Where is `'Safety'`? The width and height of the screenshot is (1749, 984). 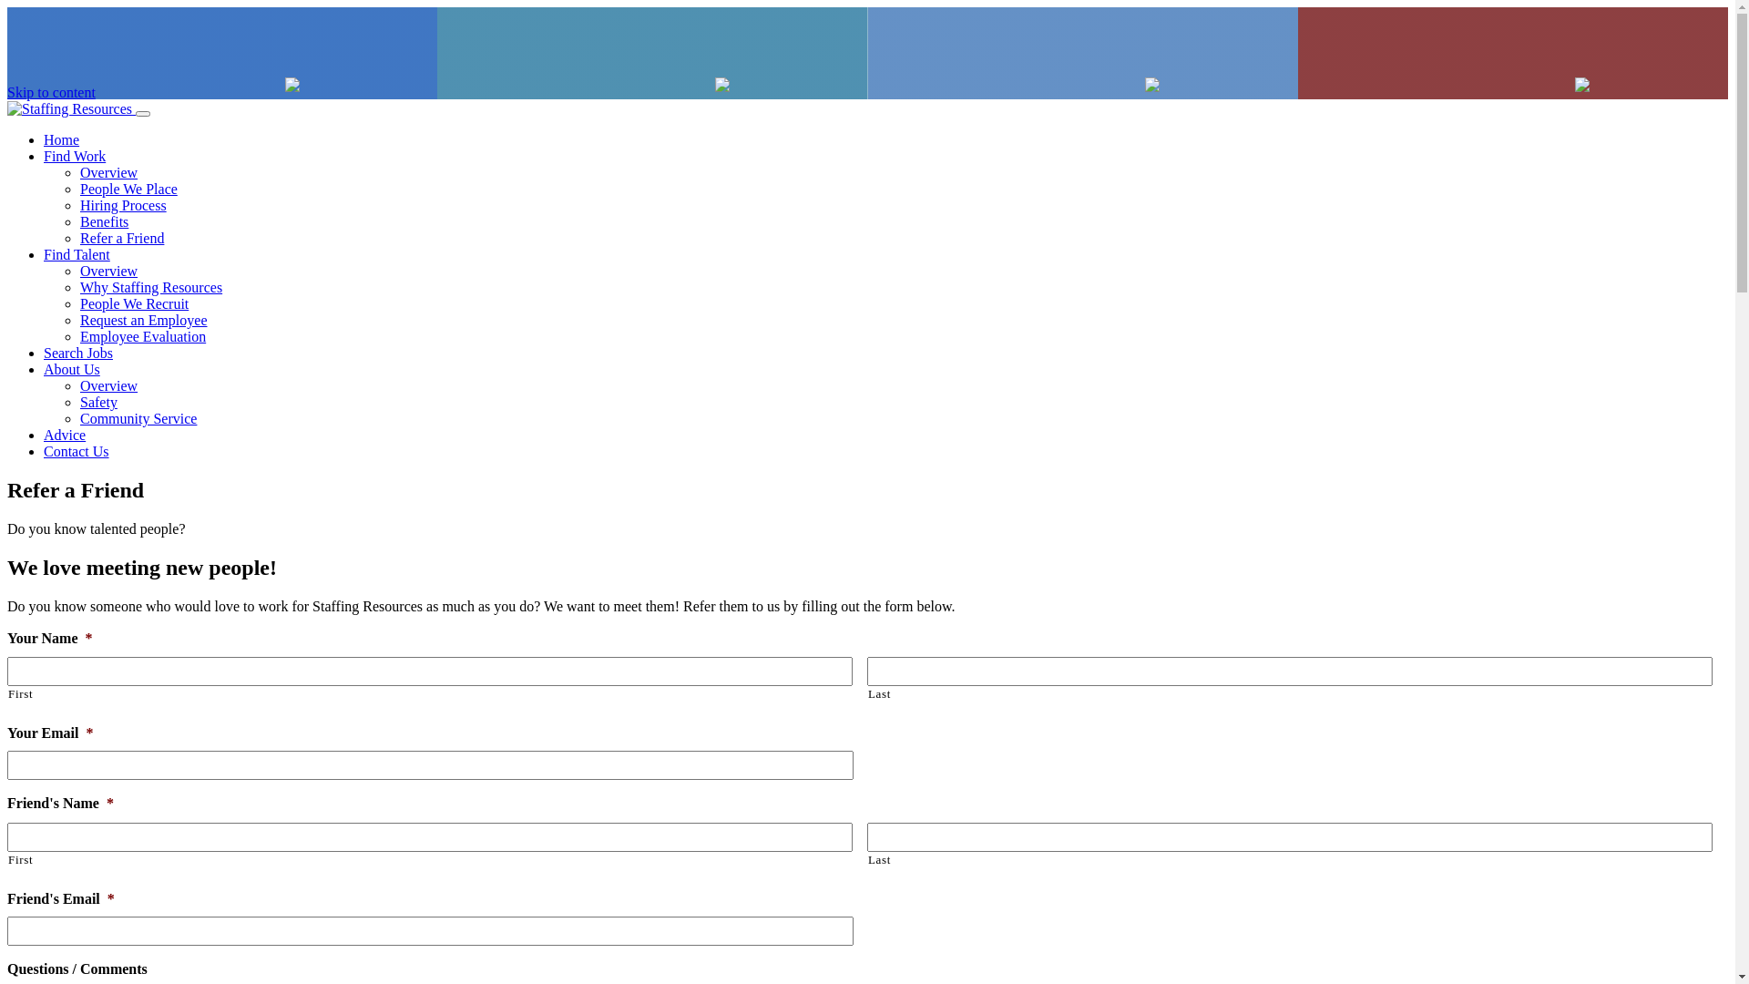 'Safety' is located at coordinates (97, 401).